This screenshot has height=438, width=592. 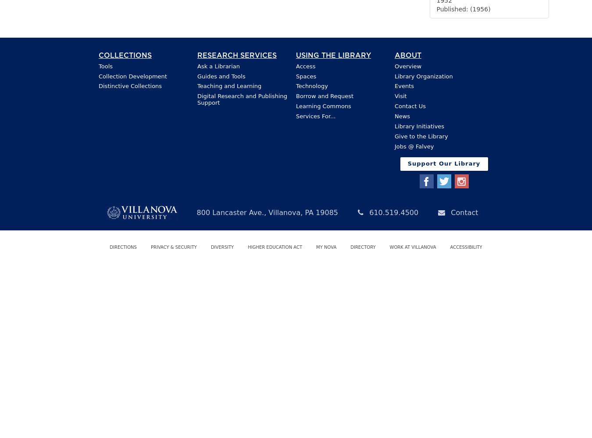 I want to click on 'Digital Research and Publishing Support', so click(x=242, y=99).